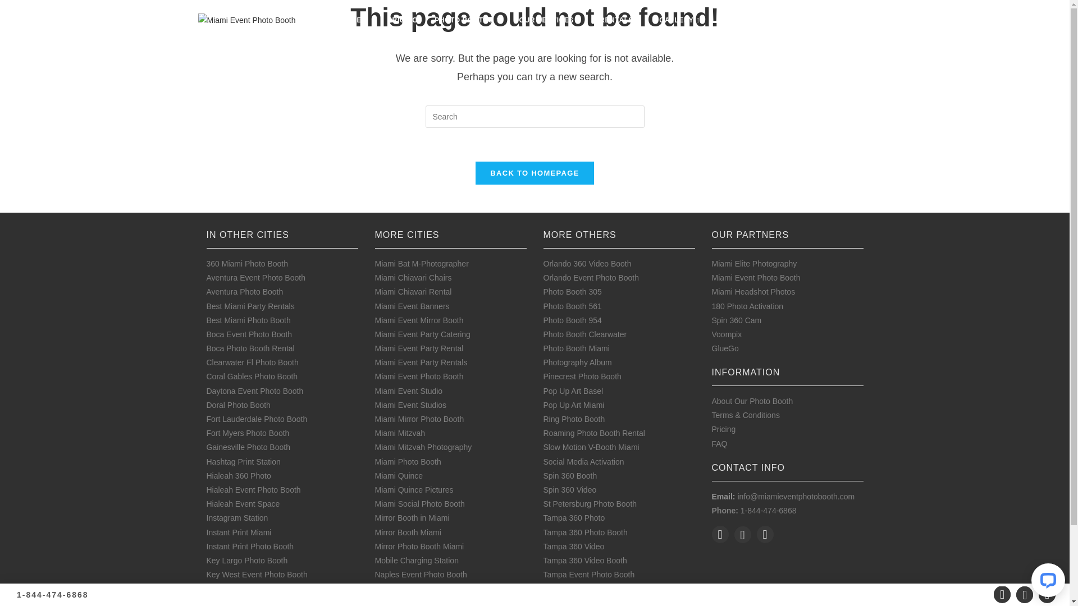 Image resolution: width=1078 pixels, height=606 pixels. Describe the element at coordinates (238, 476) in the screenshot. I see `'Hialeah 360 Photo'` at that location.